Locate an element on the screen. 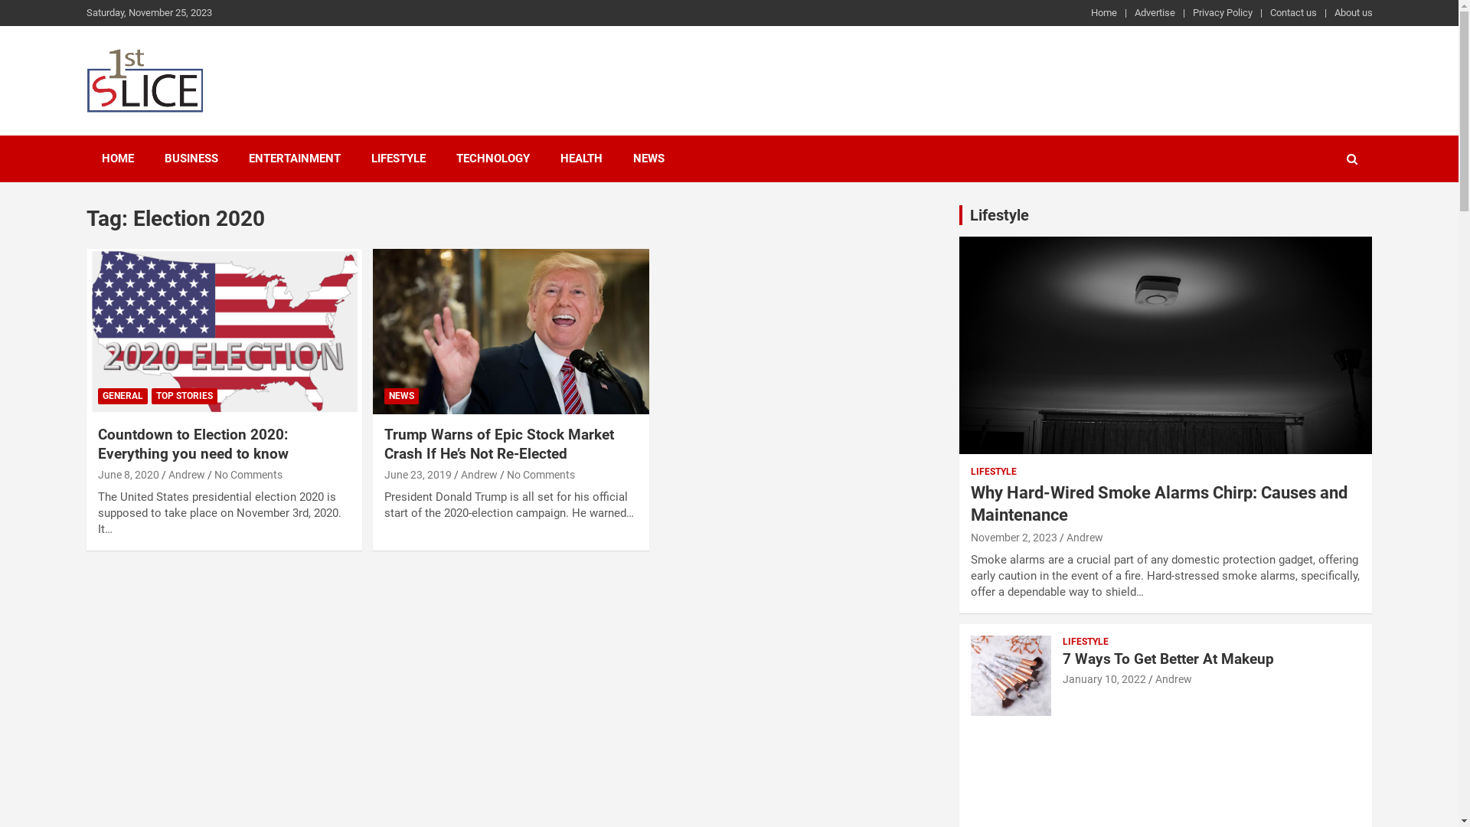 This screenshot has height=827, width=1470. '1stslice' is located at coordinates (140, 131).